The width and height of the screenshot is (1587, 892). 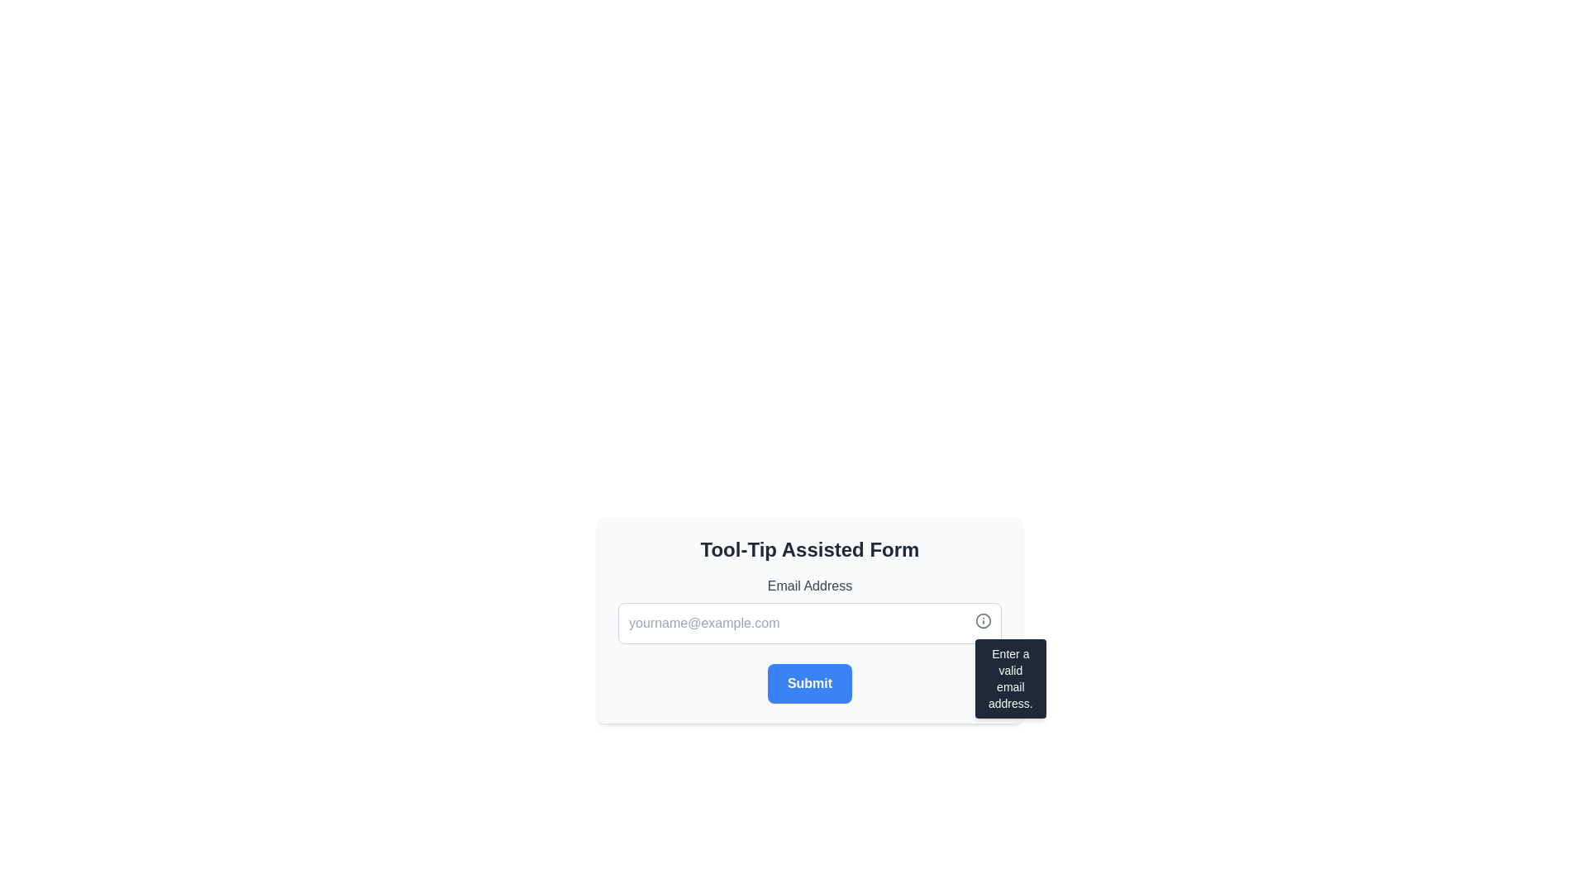 I want to click on the Text label that indicates the purpose of the email input field, which is centered horizontally above the corresponding input area, so click(x=809, y=585).